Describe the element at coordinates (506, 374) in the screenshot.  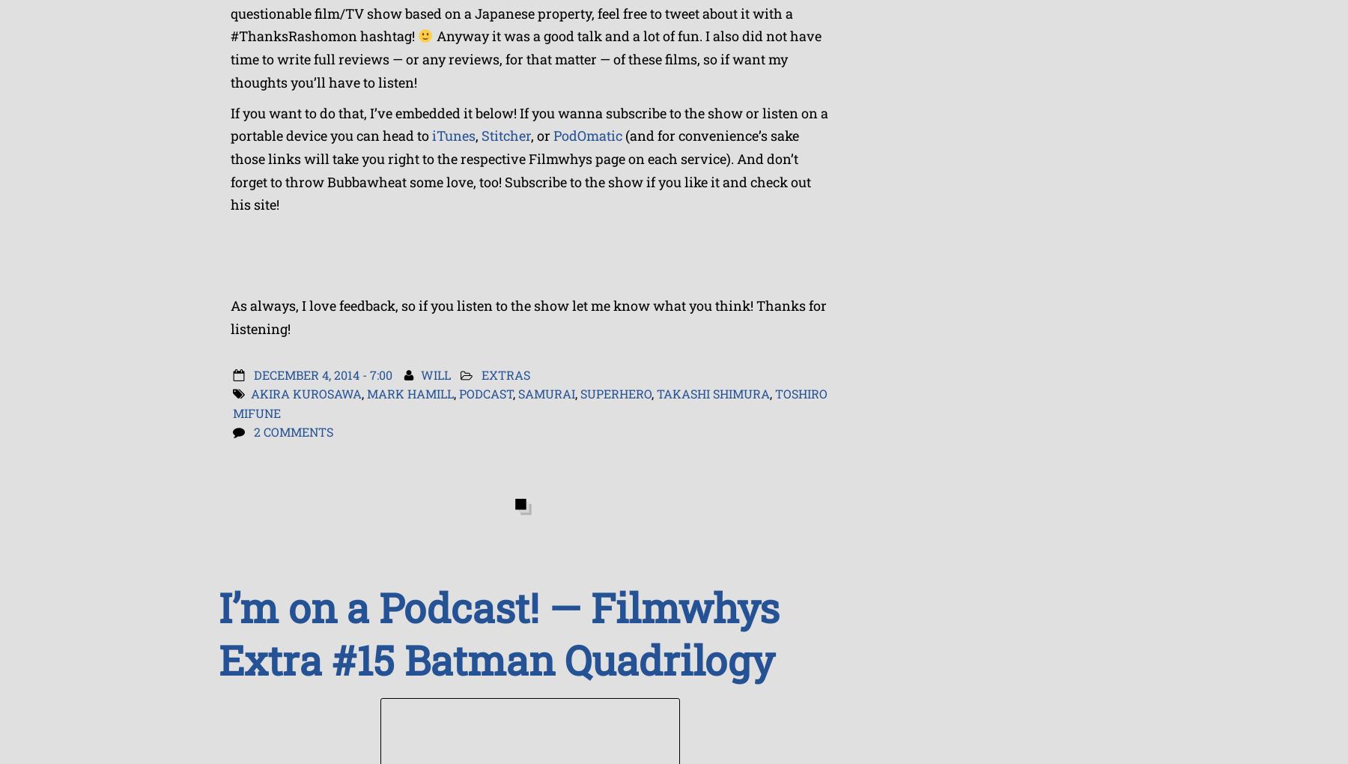
I see `'Extras'` at that location.